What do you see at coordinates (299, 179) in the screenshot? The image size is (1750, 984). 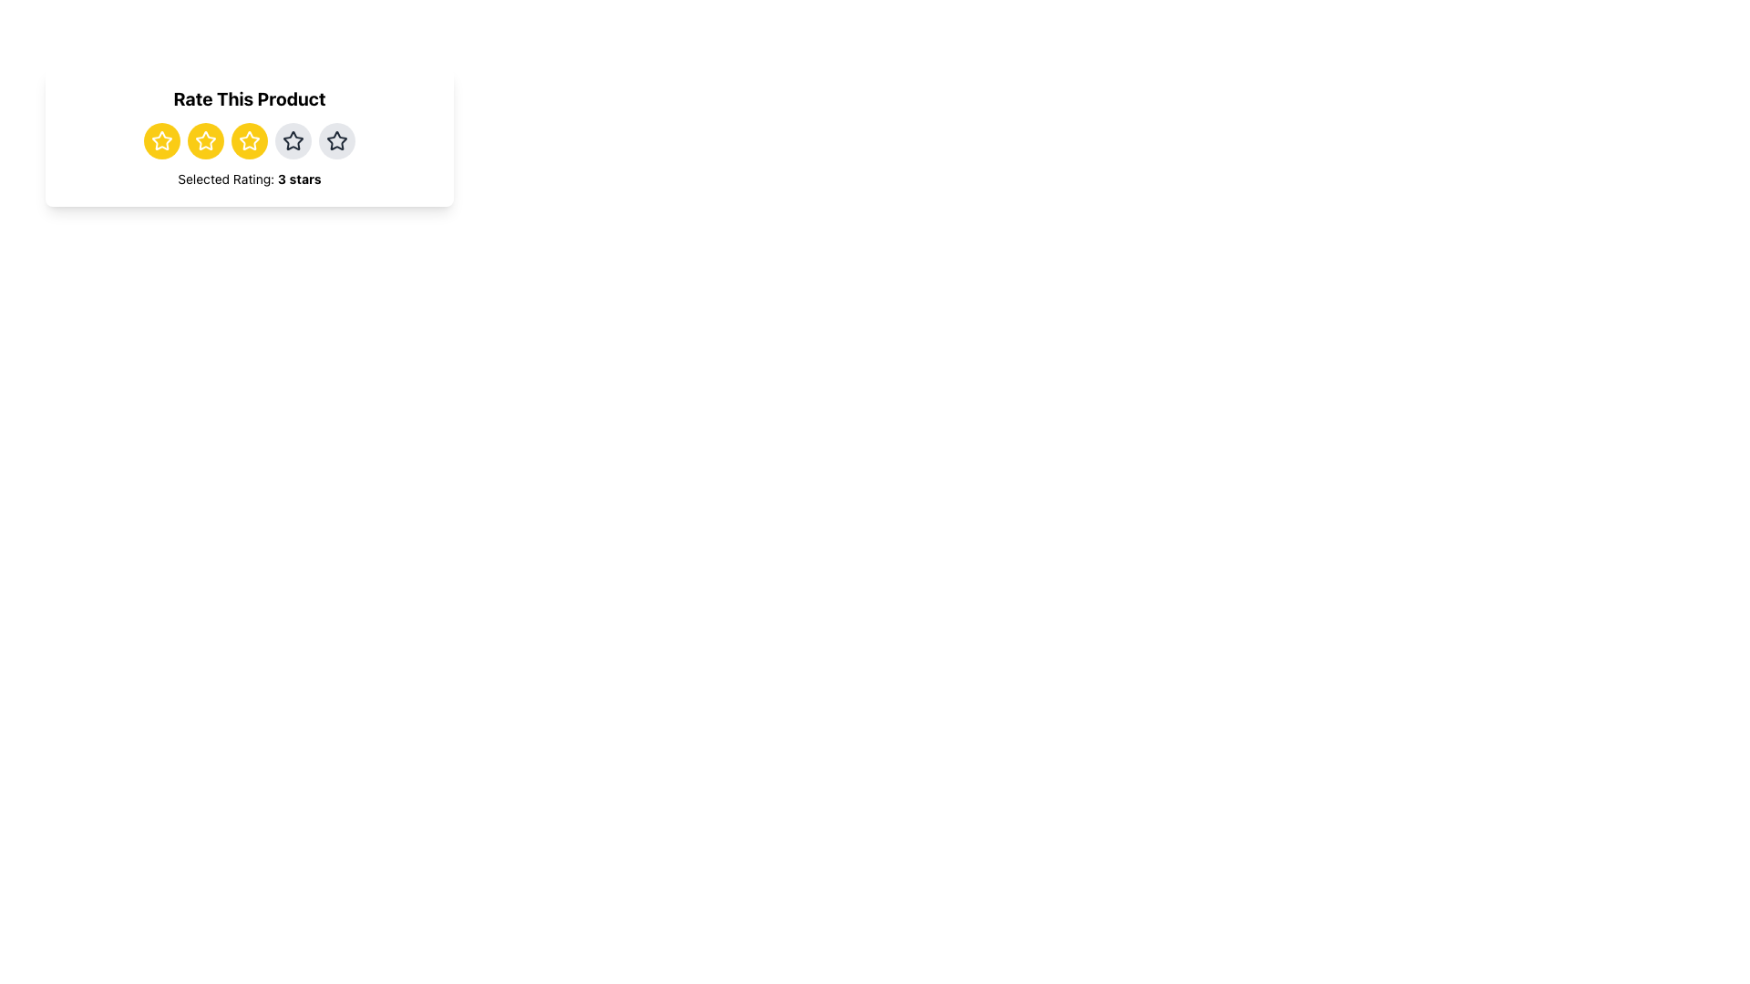 I see `the bold text reading '3 stars' that is part of the sentence 'Selected Rating: 3 stars', located below the star rating icons` at bounding box center [299, 179].